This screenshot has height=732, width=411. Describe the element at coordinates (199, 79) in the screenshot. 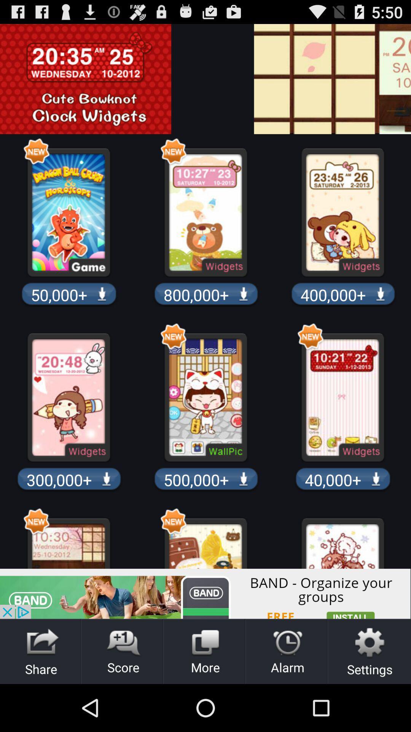

I see `advertisement` at that location.